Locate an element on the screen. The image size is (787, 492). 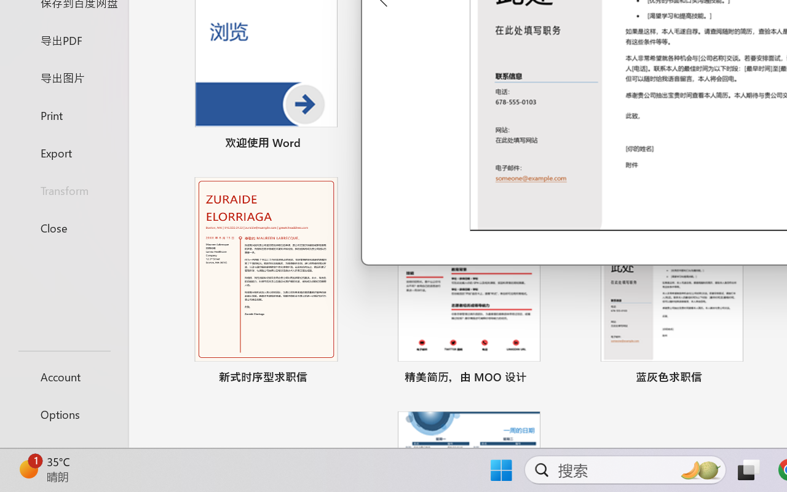
'Transform' is located at coordinates (63, 189).